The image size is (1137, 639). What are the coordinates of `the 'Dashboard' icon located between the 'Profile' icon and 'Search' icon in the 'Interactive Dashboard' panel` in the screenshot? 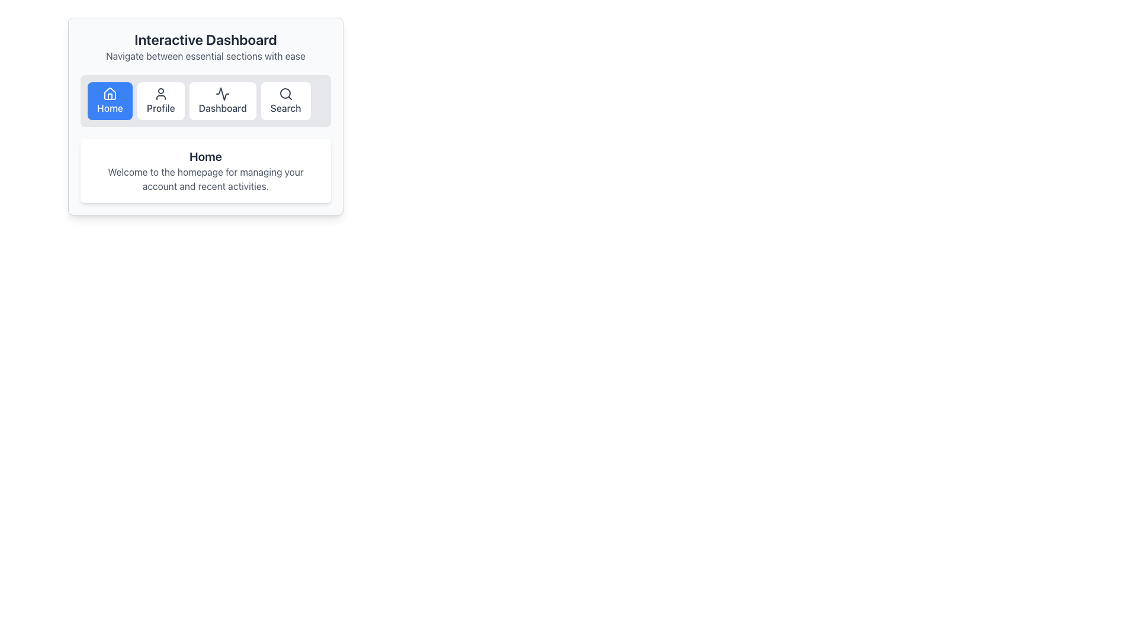 It's located at (223, 93).